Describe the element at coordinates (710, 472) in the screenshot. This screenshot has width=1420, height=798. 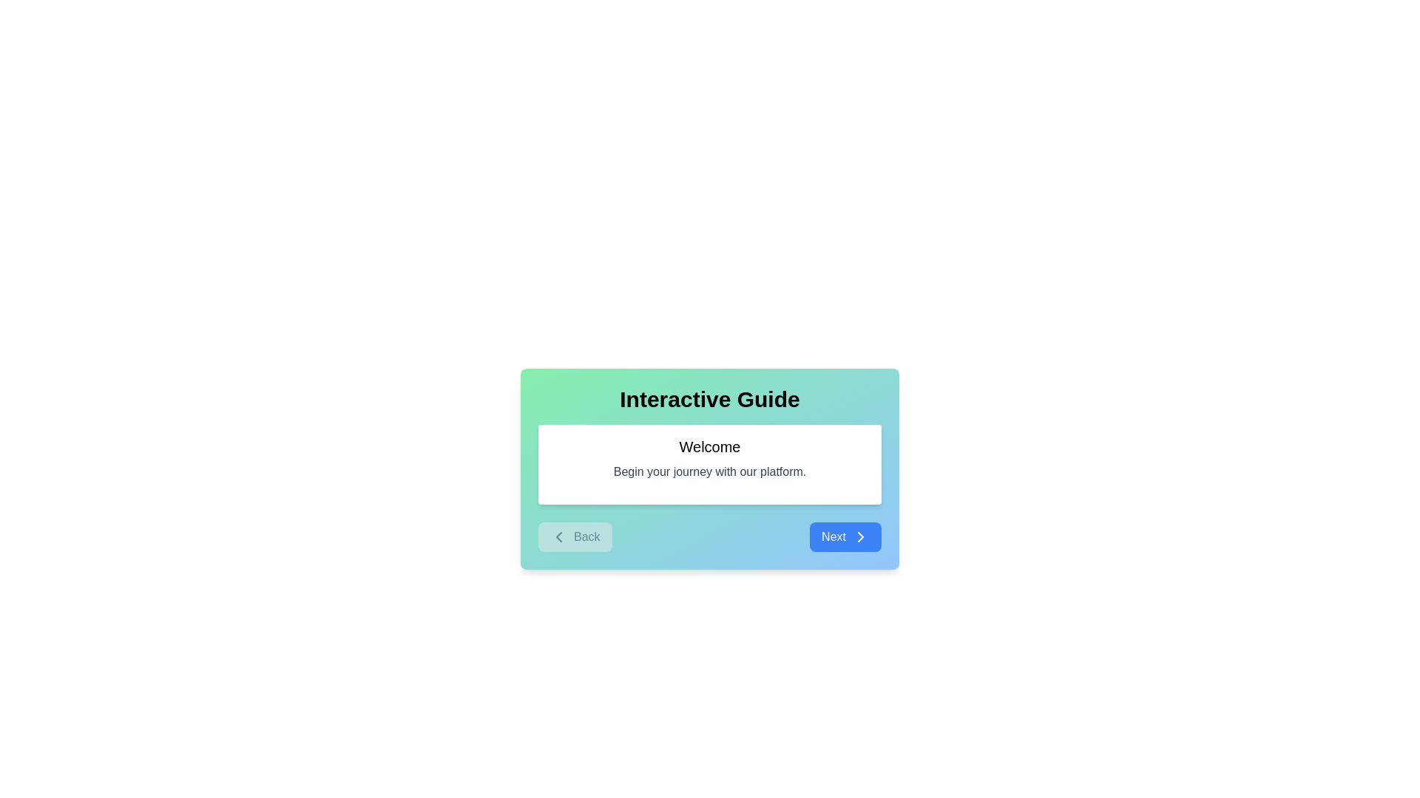
I see `the descriptive or motivational message text located directly below the 'Welcome' text within the white card-like structure` at that location.